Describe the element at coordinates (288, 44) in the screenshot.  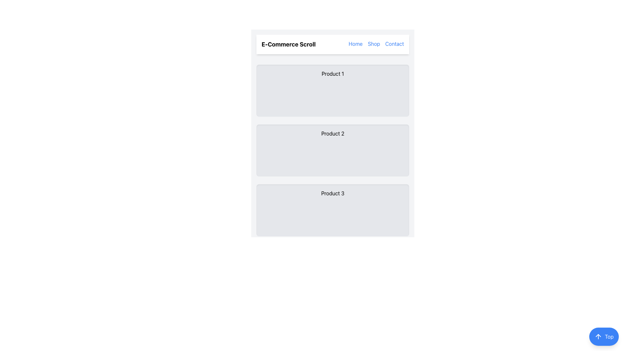
I see `text label that says 'E-Commerce Scroll', which is a bold inscription positioned at the far left of the top bar` at that location.